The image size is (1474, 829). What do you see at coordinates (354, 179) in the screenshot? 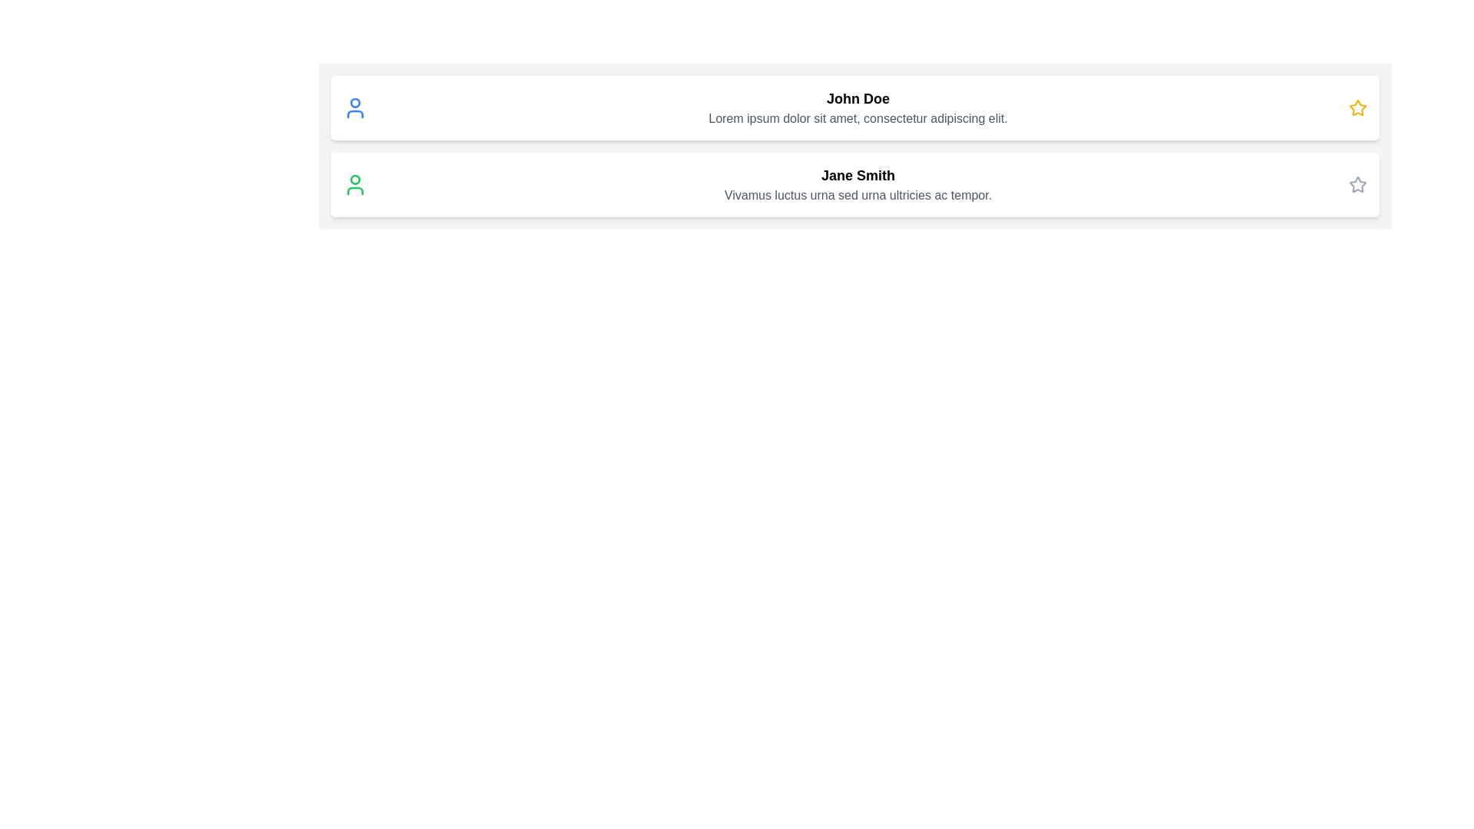
I see `the small circular shape within the green user profile icon located on the left side of the second list item card` at bounding box center [354, 179].